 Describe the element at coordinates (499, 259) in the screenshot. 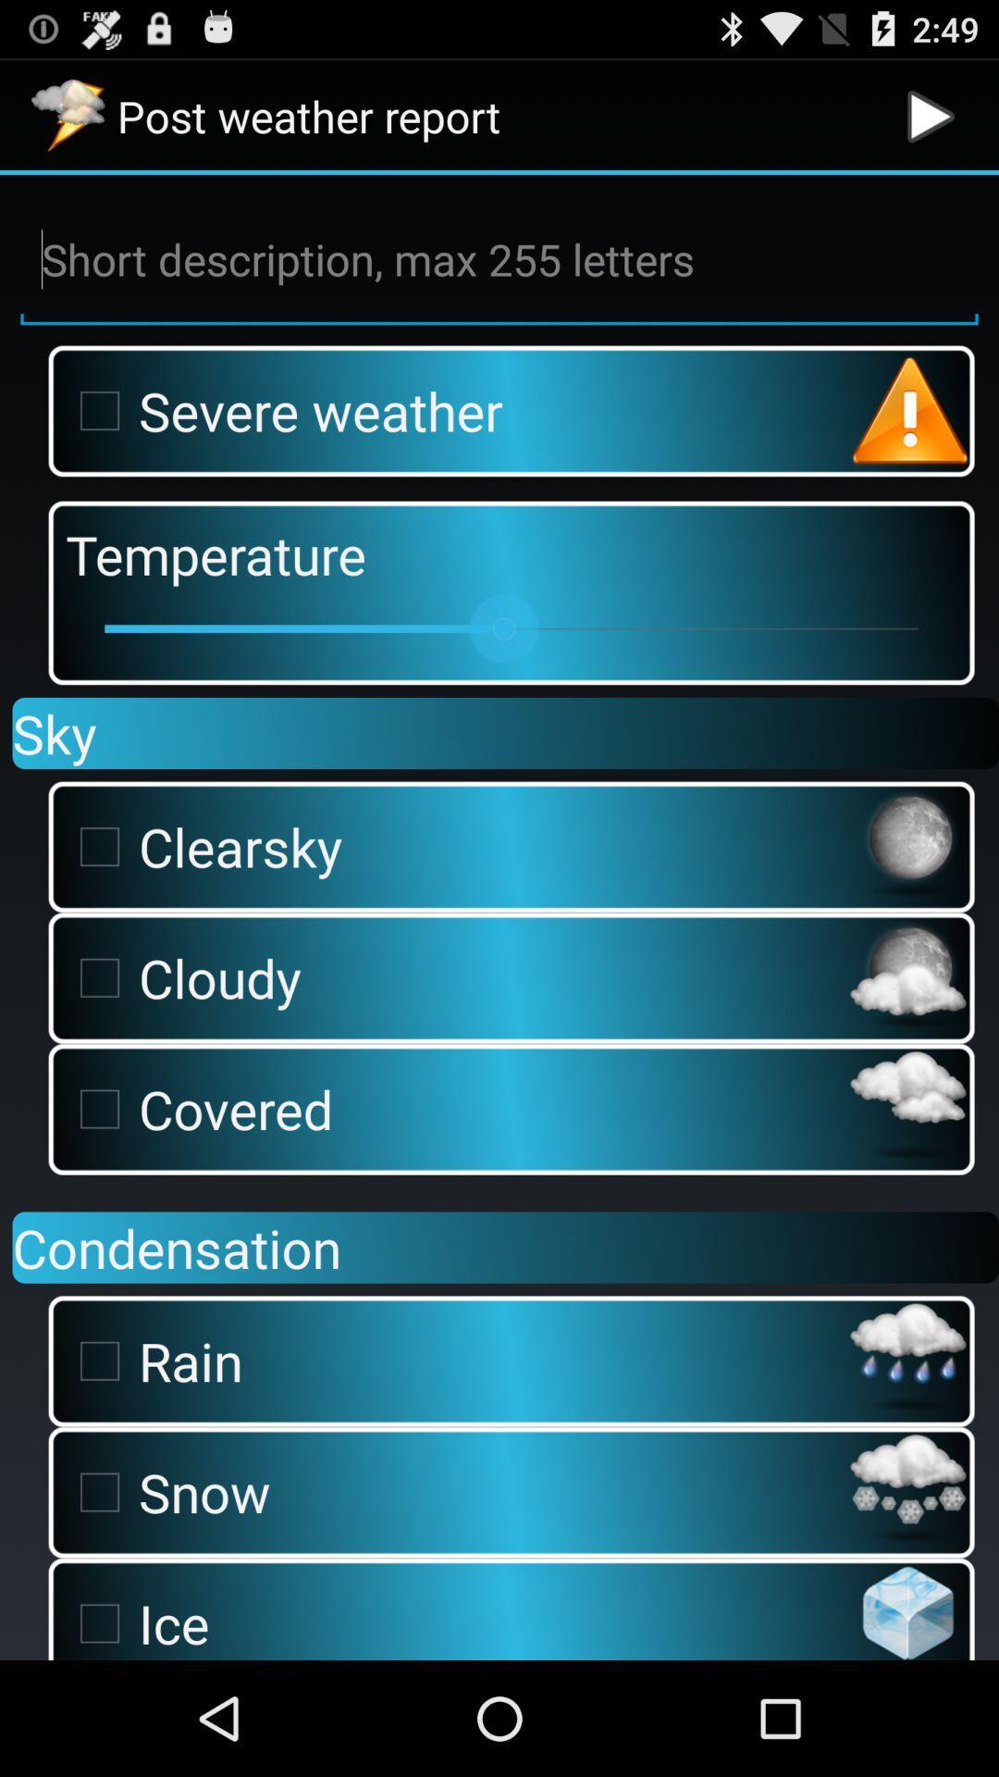

I see `write a description` at that location.